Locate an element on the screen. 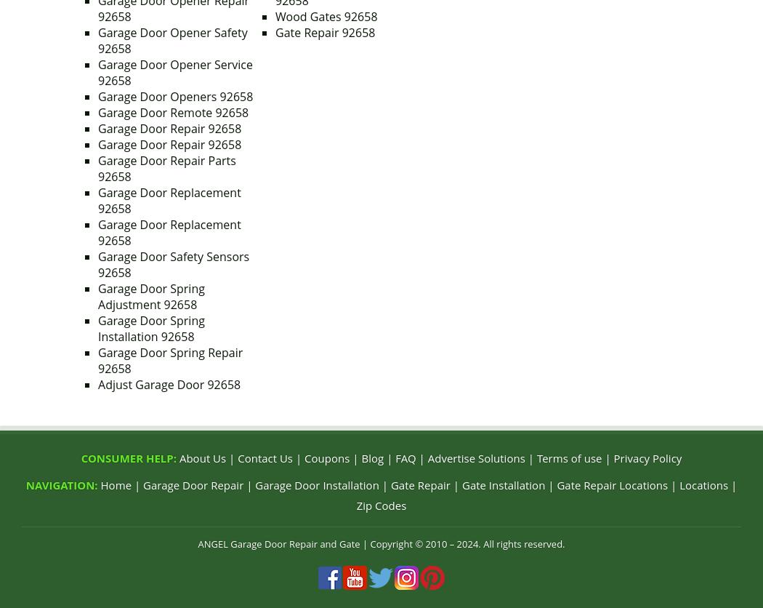  'Blog' is located at coordinates (371, 458).